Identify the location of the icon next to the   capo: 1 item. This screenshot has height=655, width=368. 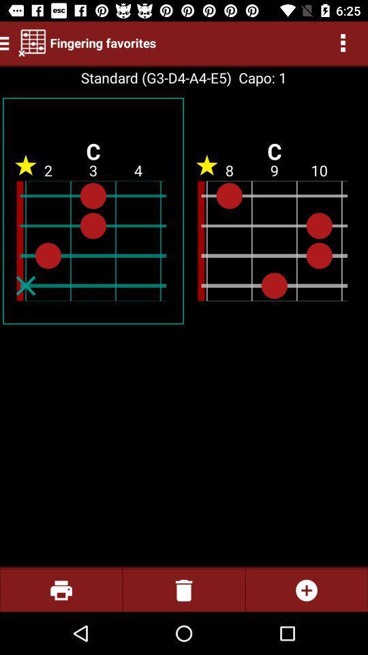
(155, 78).